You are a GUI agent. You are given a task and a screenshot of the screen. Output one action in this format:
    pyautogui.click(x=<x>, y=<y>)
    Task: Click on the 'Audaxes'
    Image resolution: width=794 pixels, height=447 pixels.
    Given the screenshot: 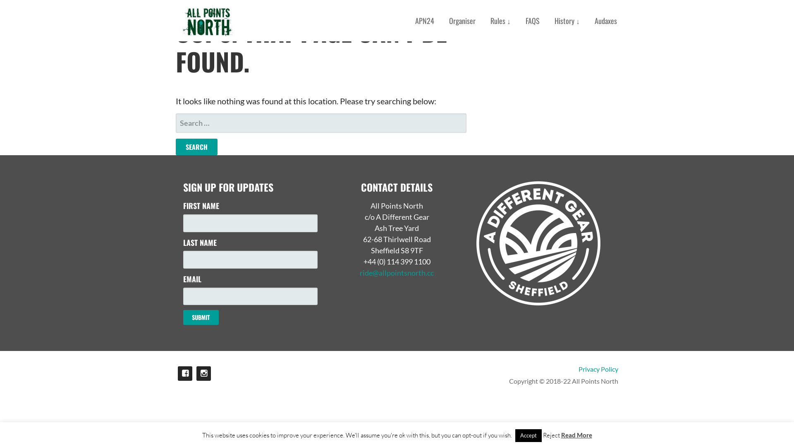 What is the action you would take?
    pyautogui.click(x=605, y=20)
    